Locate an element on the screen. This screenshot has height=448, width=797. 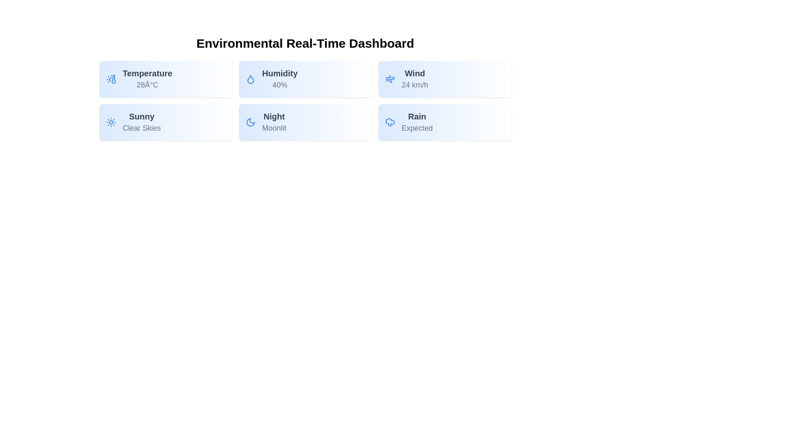
the 'Humidity' informational label element, which displays the text 'Humidity' in bold, dark-gray at the top and '40%' in lighter gray below, centered within a light blue rectangular card is located at coordinates (280, 79).